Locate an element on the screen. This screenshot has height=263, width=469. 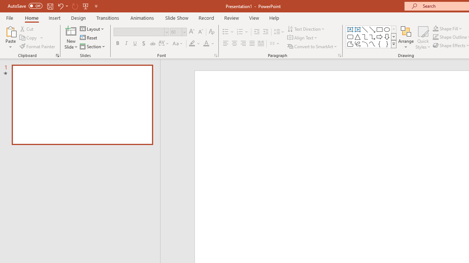
'Copy' is located at coordinates (29, 38).